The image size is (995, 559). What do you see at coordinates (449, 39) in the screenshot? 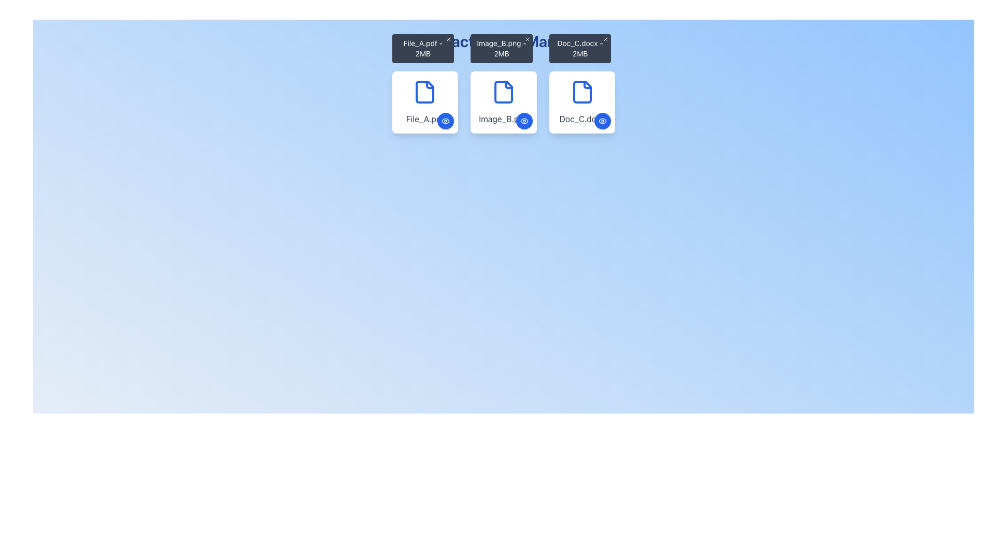
I see `the close button located in the upper right corner of the tooltip for 'File_A.pdf - 2MB'` at bounding box center [449, 39].